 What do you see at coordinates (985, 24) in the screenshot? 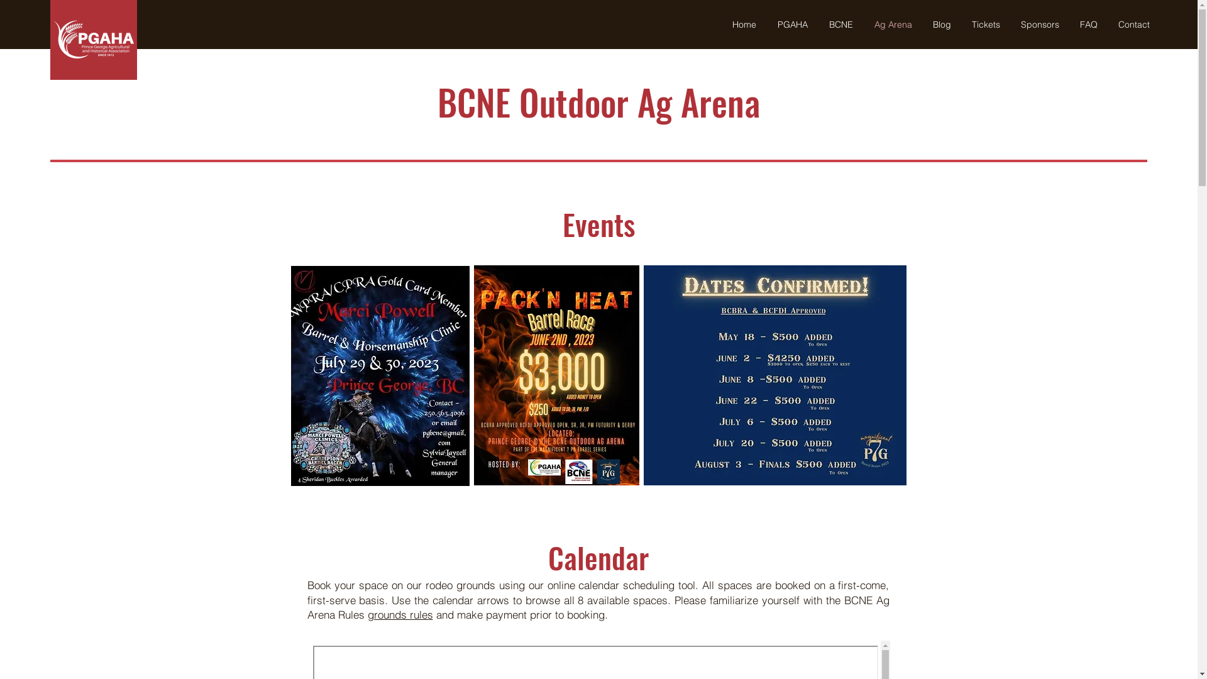
I see `'Tickets'` at bounding box center [985, 24].